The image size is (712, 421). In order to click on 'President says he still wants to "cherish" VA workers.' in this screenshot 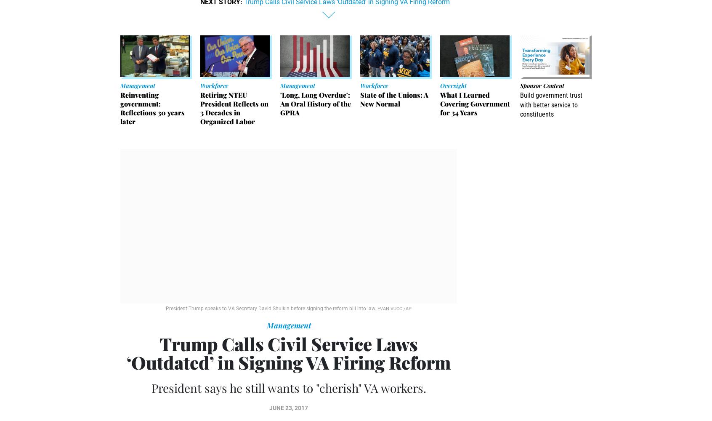, I will do `click(288, 388)`.